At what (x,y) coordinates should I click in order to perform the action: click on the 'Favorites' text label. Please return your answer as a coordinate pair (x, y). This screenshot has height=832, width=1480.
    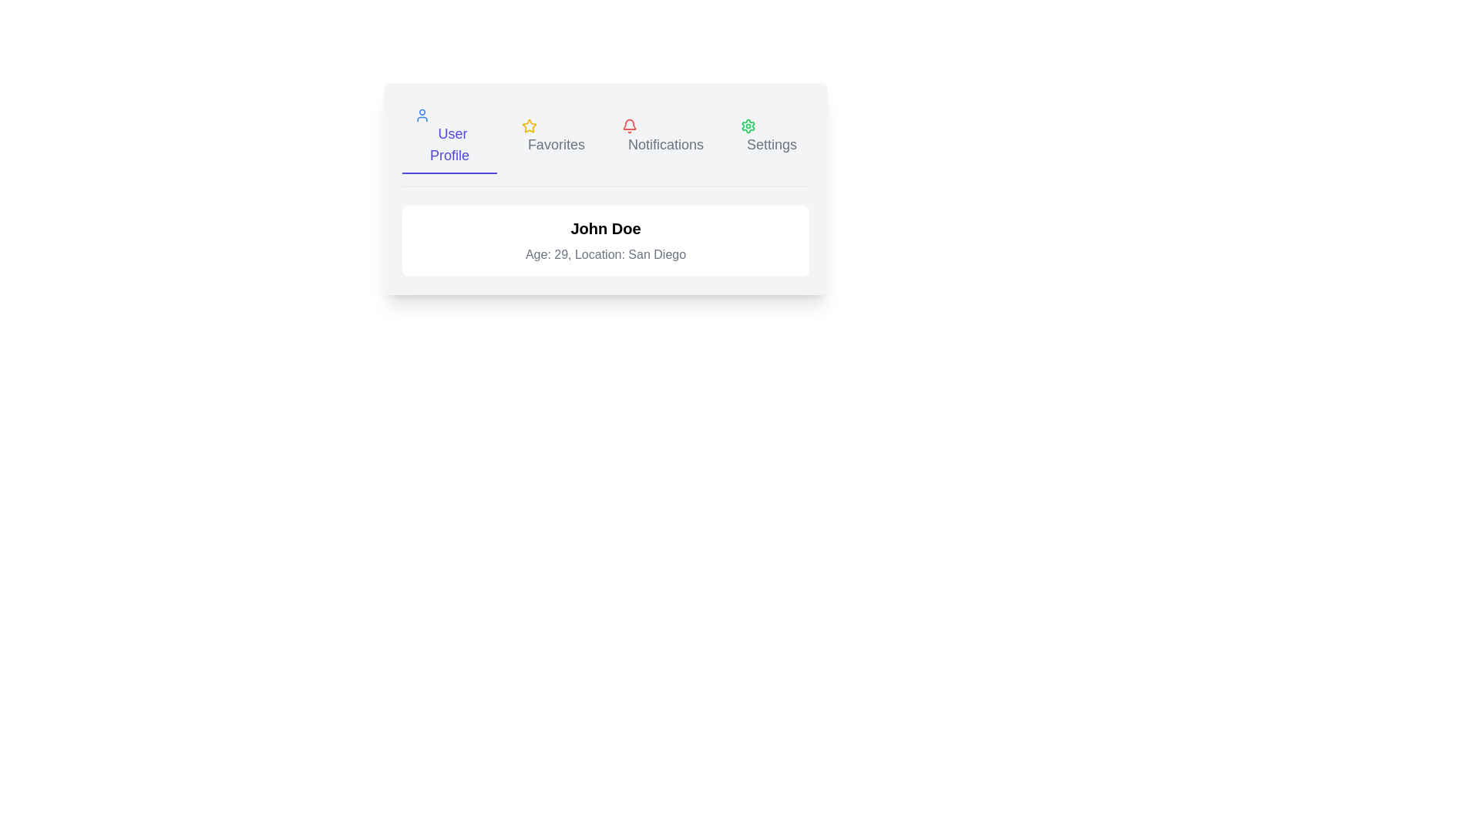
    Looking at the image, I should click on (555, 145).